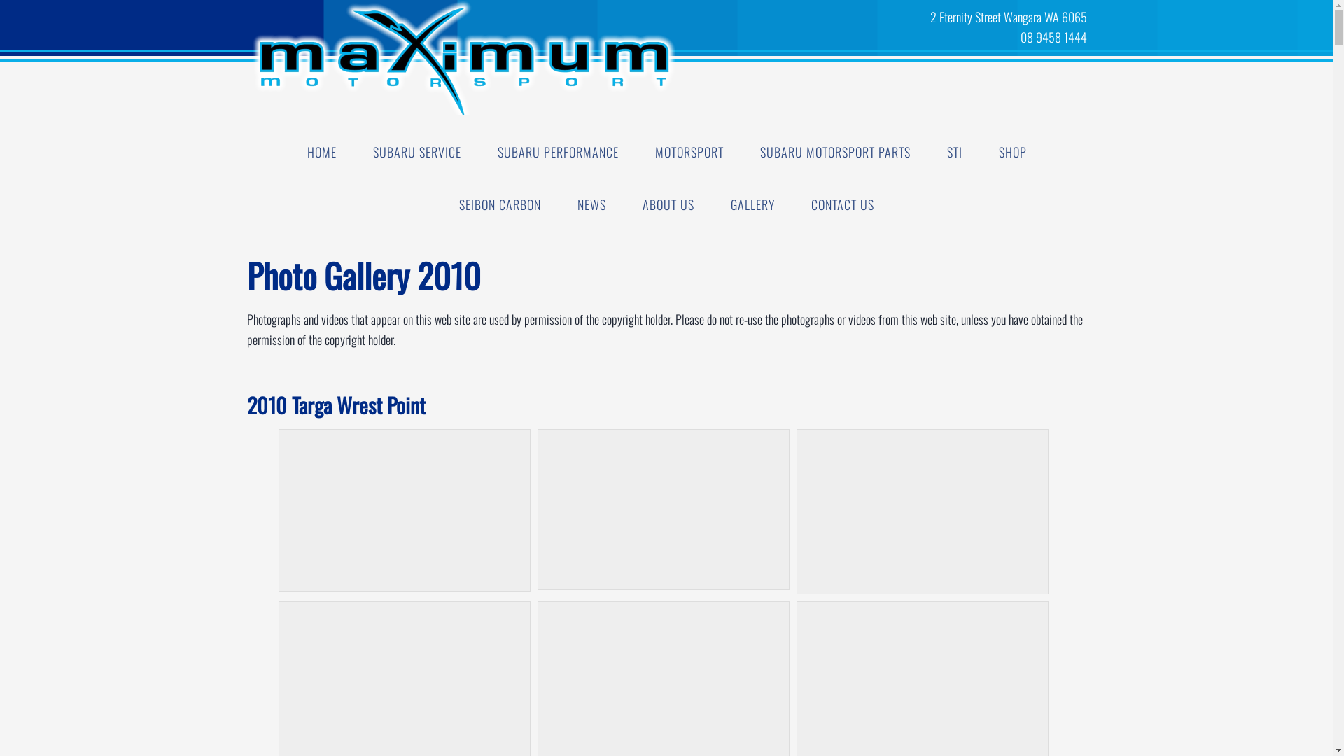  What do you see at coordinates (591, 204) in the screenshot?
I see `'NEWS'` at bounding box center [591, 204].